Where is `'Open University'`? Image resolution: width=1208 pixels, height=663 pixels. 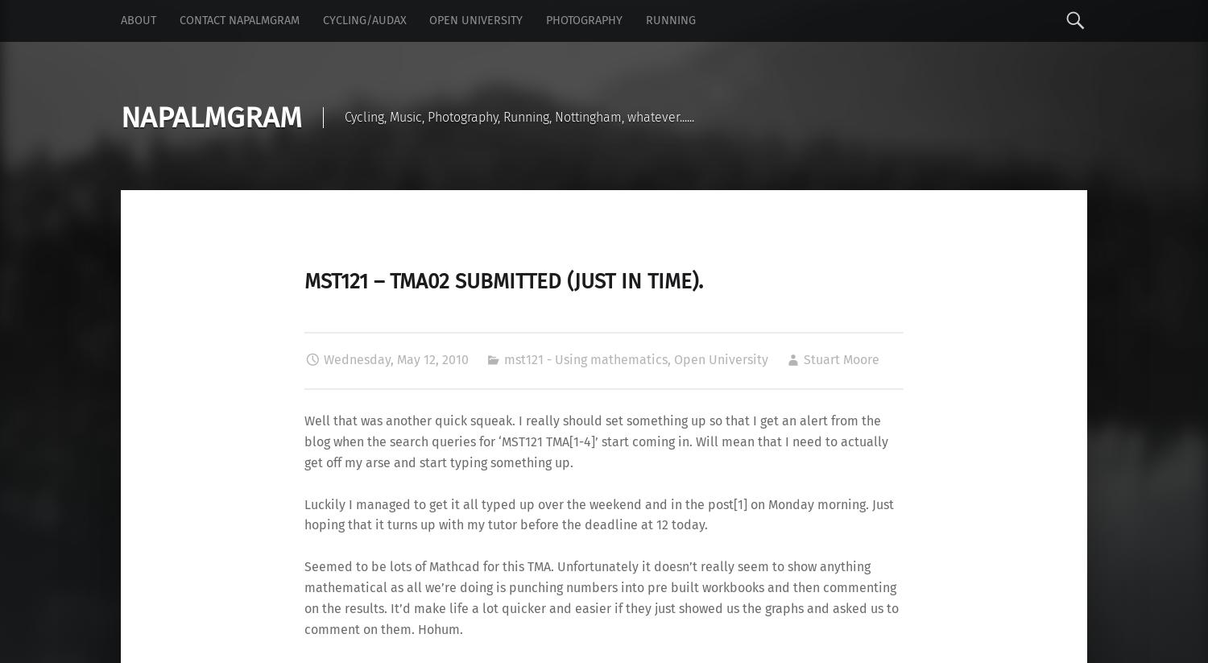 'Open University' is located at coordinates (720, 359).